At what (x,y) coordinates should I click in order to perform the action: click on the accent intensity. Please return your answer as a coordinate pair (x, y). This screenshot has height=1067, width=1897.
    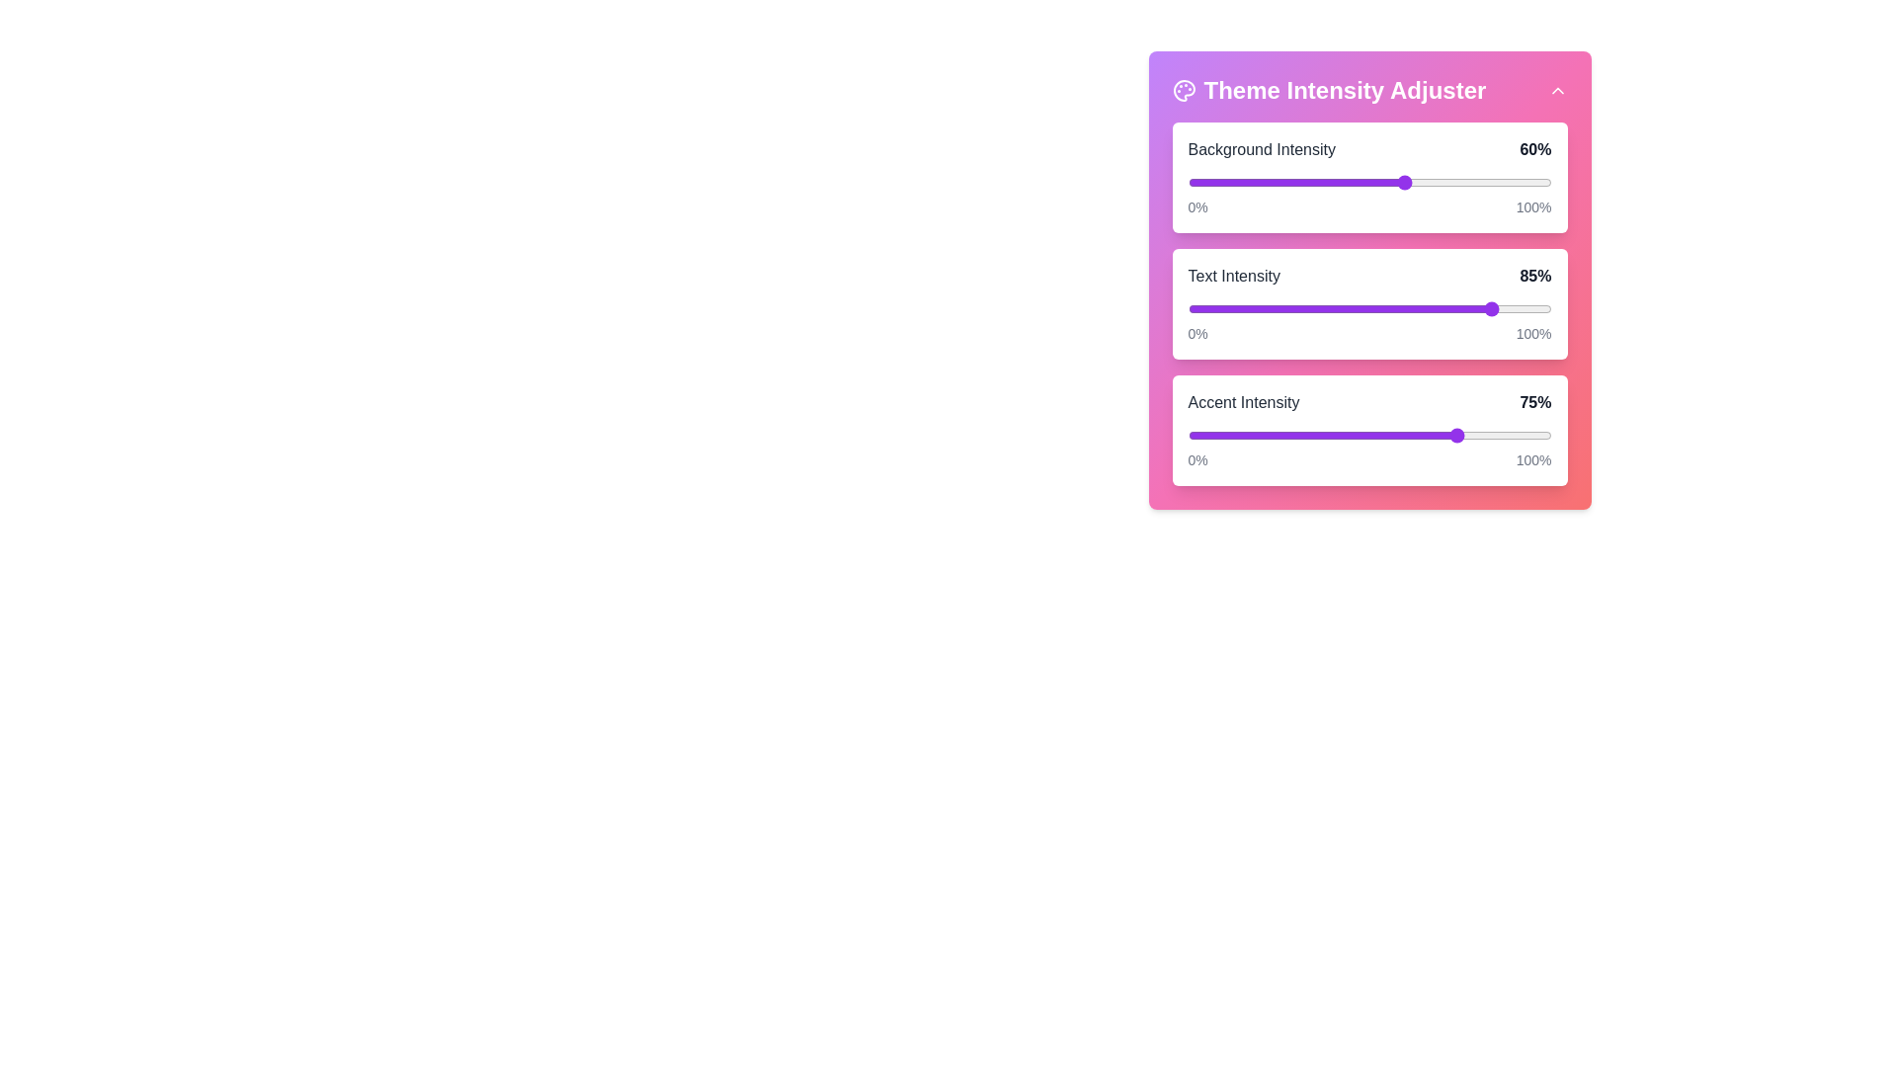
    Looking at the image, I should click on (1215, 434).